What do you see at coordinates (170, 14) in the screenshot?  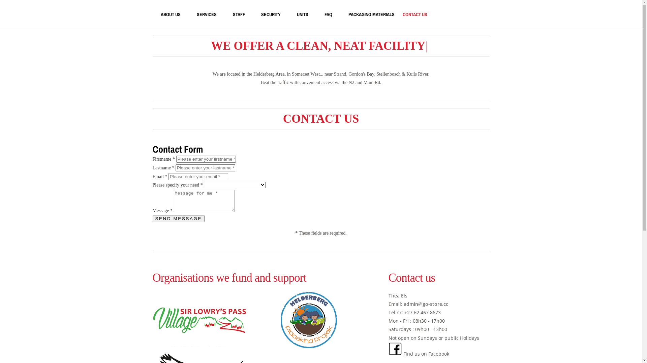 I see `'ABOUT US'` at bounding box center [170, 14].